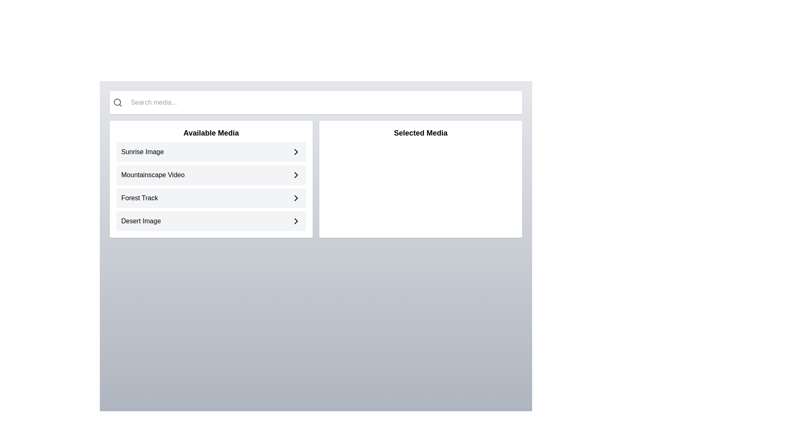 The height and width of the screenshot is (445, 792). What do you see at coordinates (153, 174) in the screenshot?
I see `the bold text label reading 'Mountainscape Video' located in the second row under the 'Available Media' section, which is part of a list item with a light gray background` at bounding box center [153, 174].